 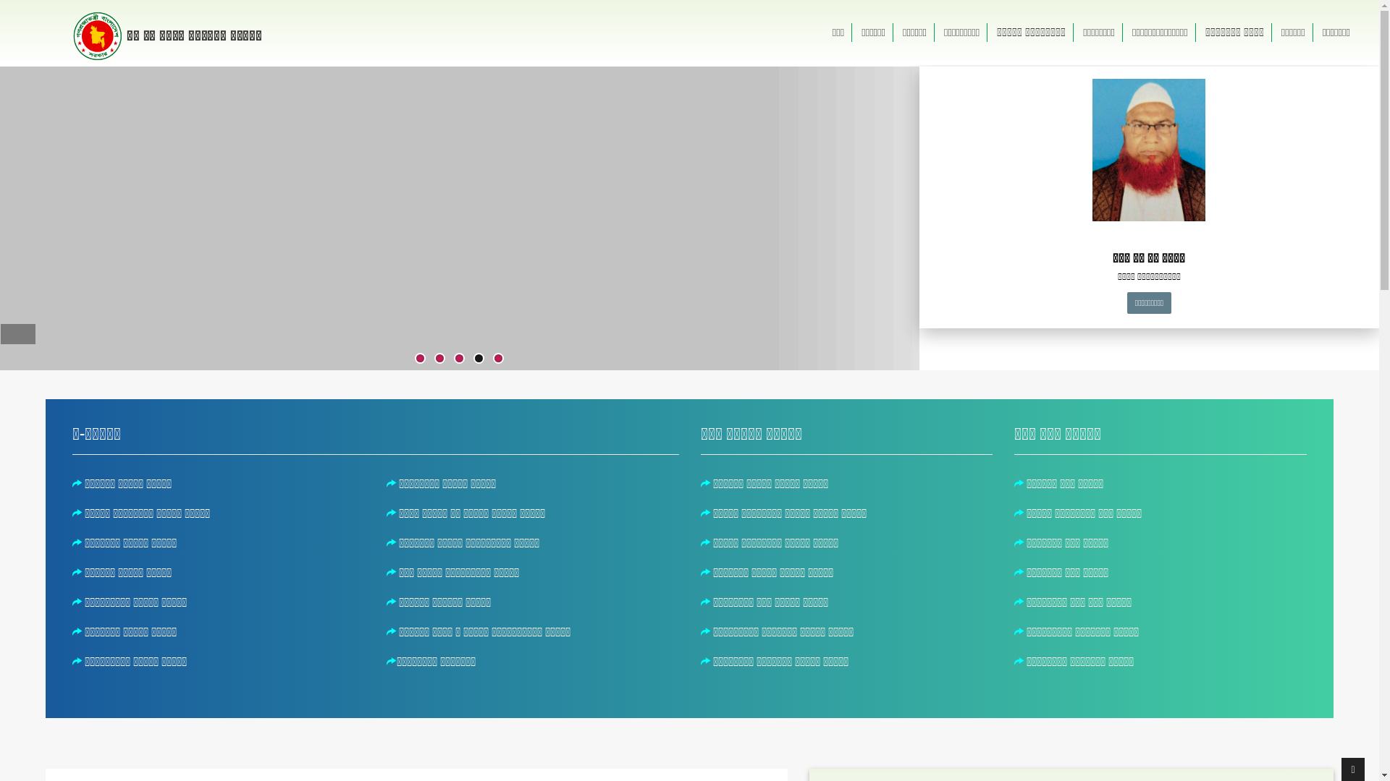 What do you see at coordinates (494, 358) in the screenshot?
I see `'5'` at bounding box center [494, 358].